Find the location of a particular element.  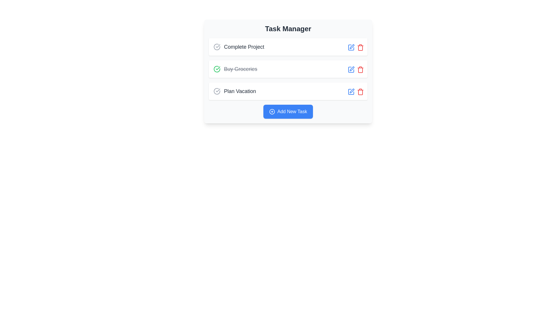

the task entry 'Buy Groceries', which is marked as completed is located at coordinates (288, 69).